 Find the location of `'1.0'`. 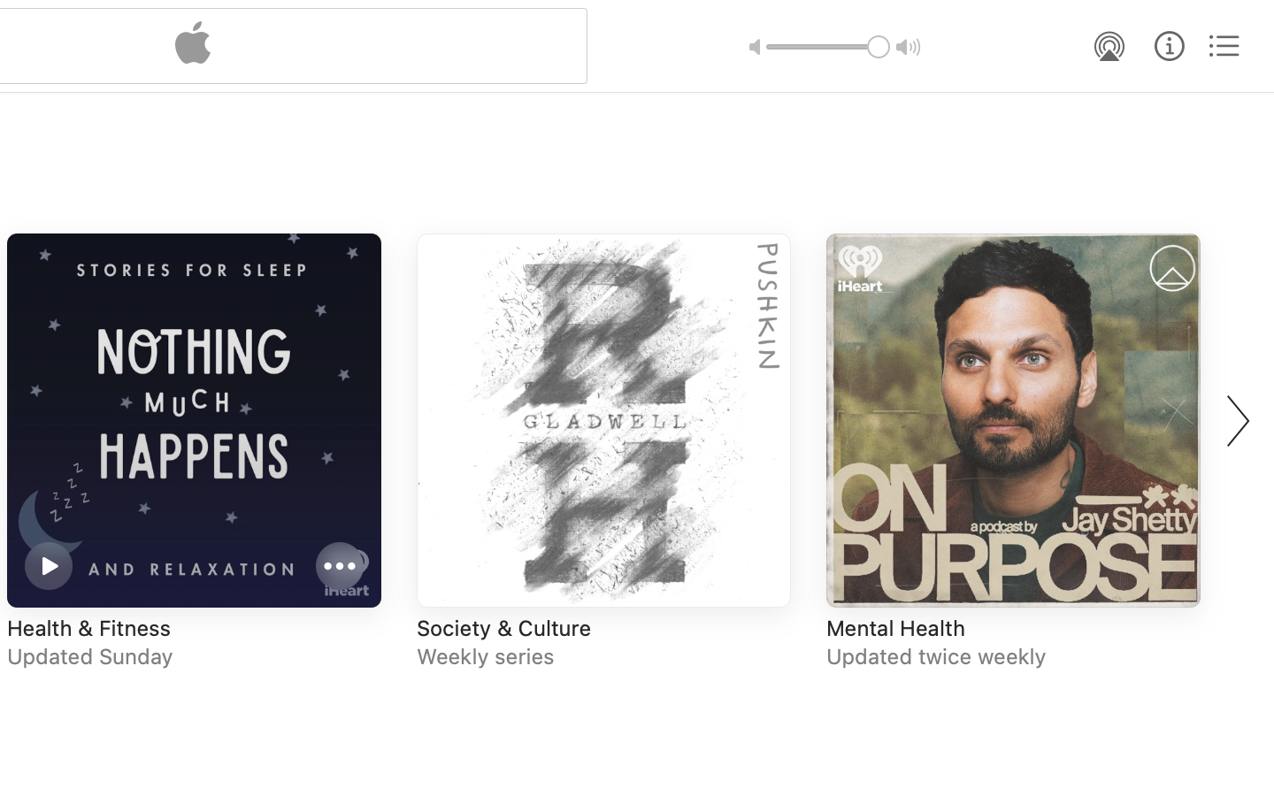

'1.0' is located at coordinates (828, 46).